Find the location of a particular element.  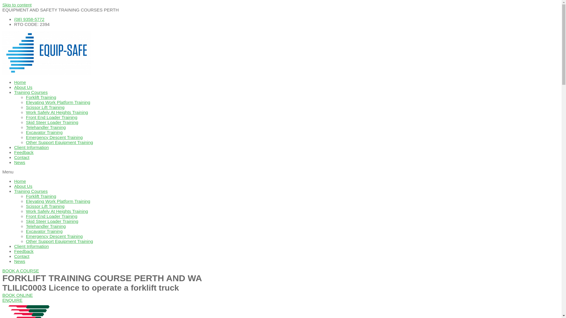

'Contact' is located at coordinates (22, 256).